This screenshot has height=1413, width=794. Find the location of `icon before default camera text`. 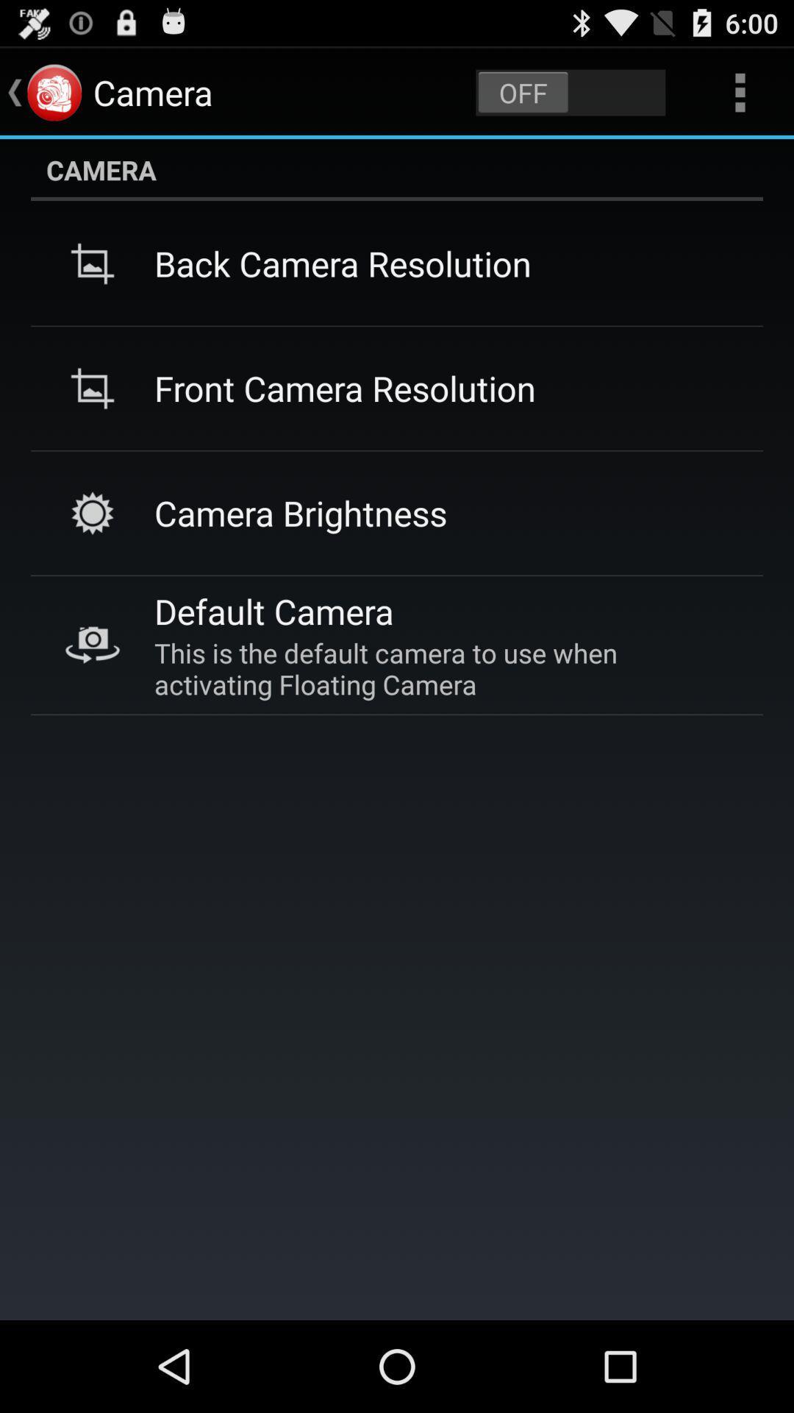

icon before default camera text is located at coordinates (93, 645).